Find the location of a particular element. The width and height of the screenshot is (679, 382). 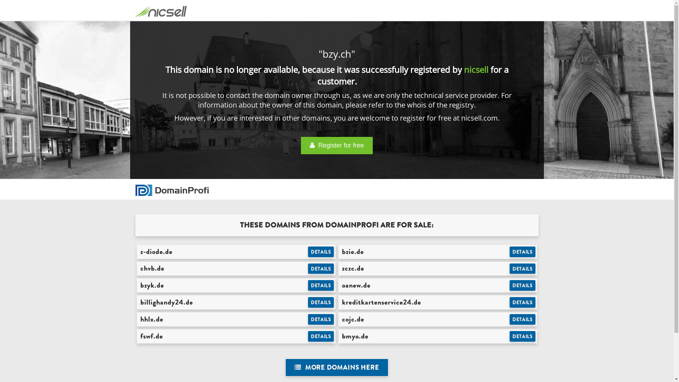

'nicsell' is located at coordinates (476, 69).